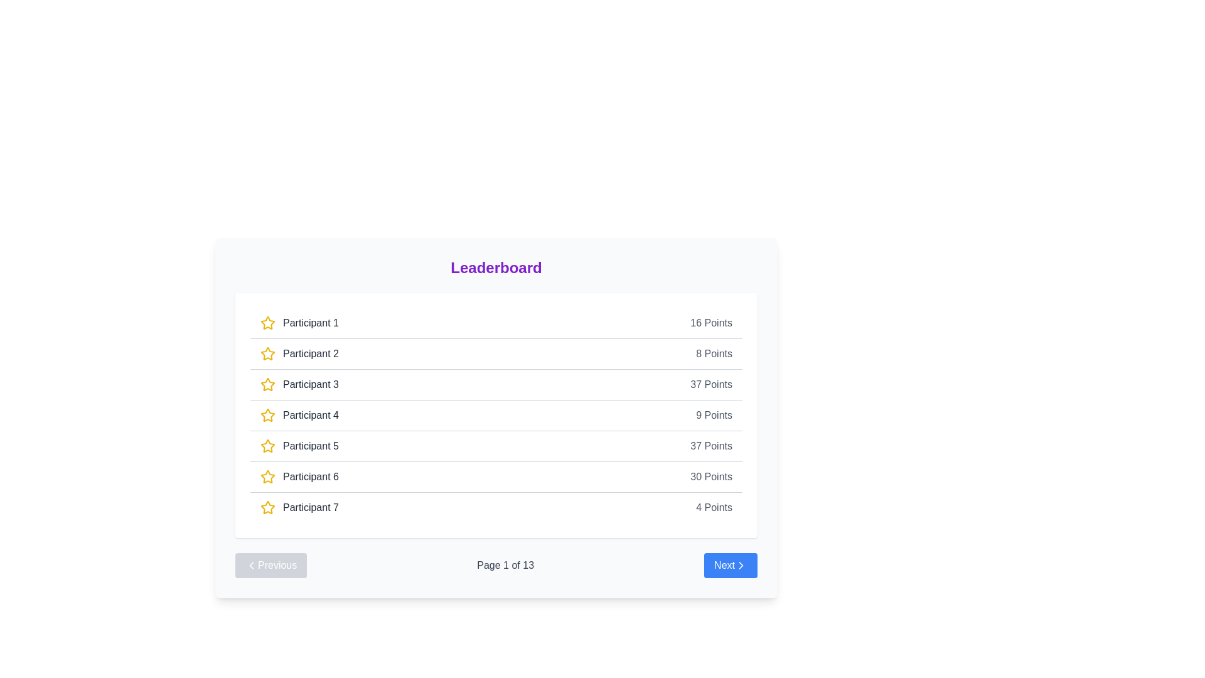  I want to click on static text label displaying '4 Points' located at the far right edge of the row for 'Participant 7' in the leaderboard table, so click(714, 507).